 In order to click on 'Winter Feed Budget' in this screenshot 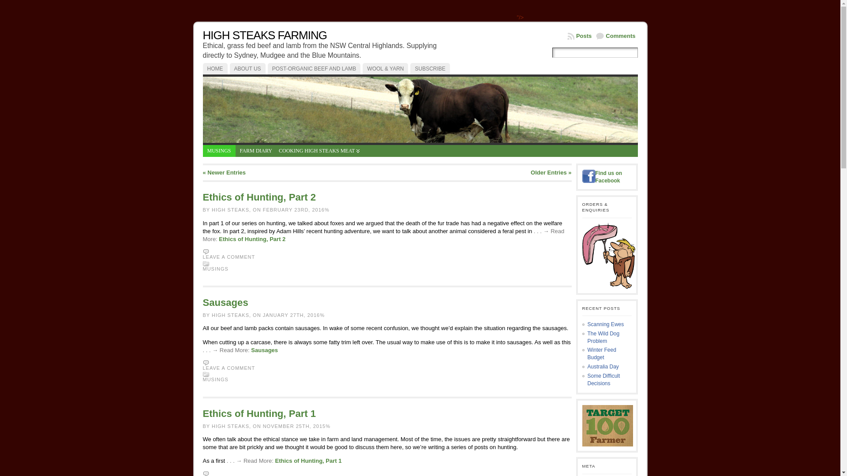, I will do `click(601, 353)`.